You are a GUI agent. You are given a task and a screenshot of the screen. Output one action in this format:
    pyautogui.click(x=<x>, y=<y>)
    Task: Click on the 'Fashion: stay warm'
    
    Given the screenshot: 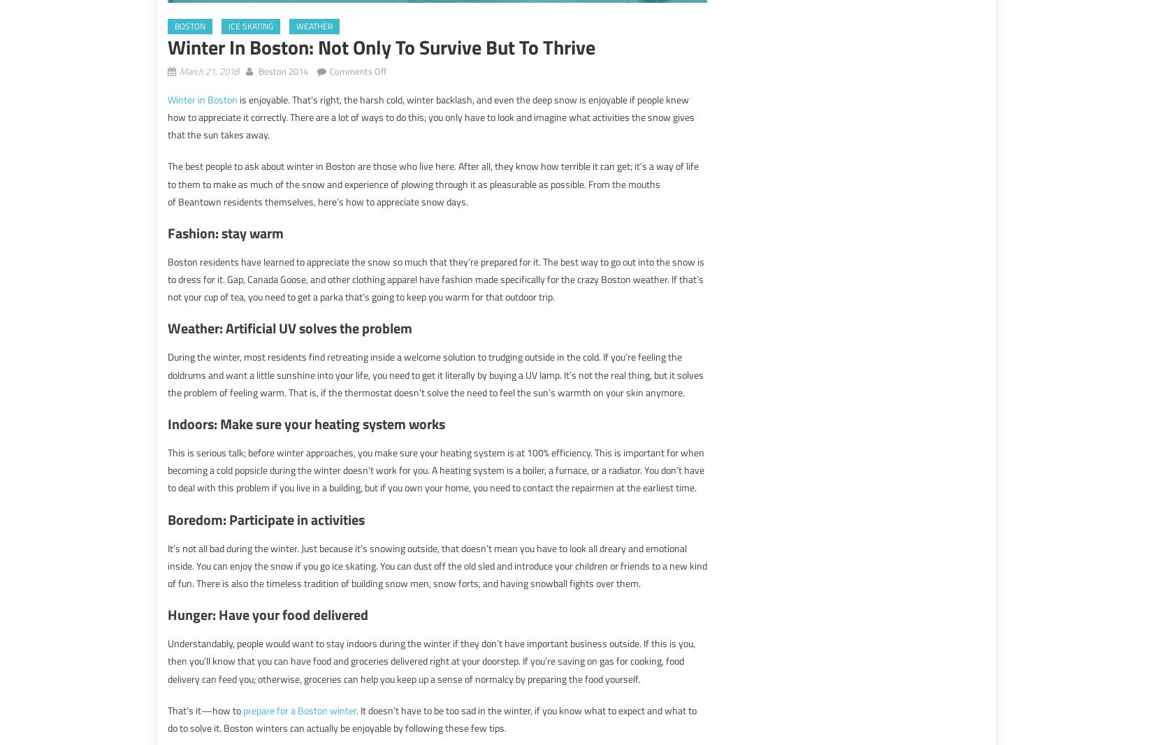 What is the action you would take?
    pyautogui.click(x=226, y=232)
    